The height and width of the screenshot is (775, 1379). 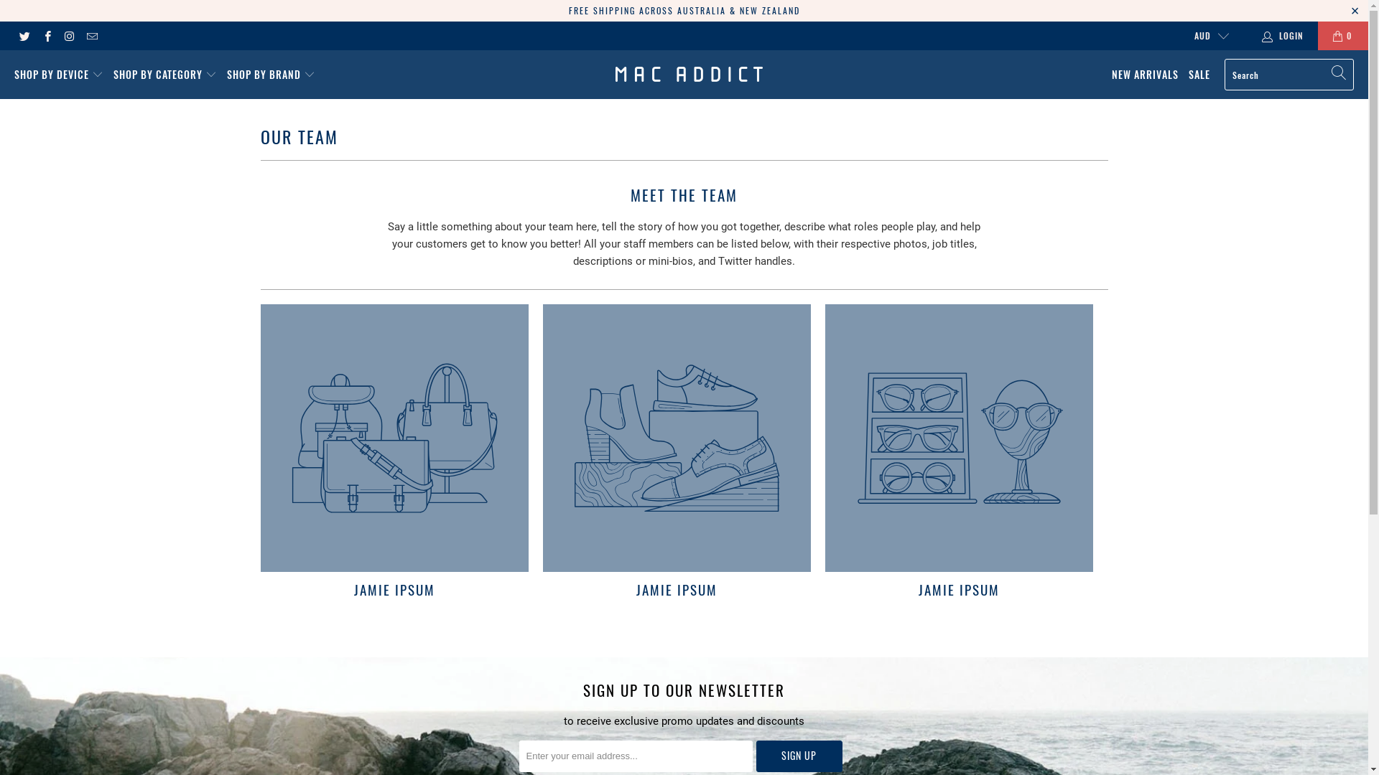 What do you see at coordinates (24, 35) in the screenshot?
I see `'Mac Addict on Twitter'` at bounding box center [24, 35].